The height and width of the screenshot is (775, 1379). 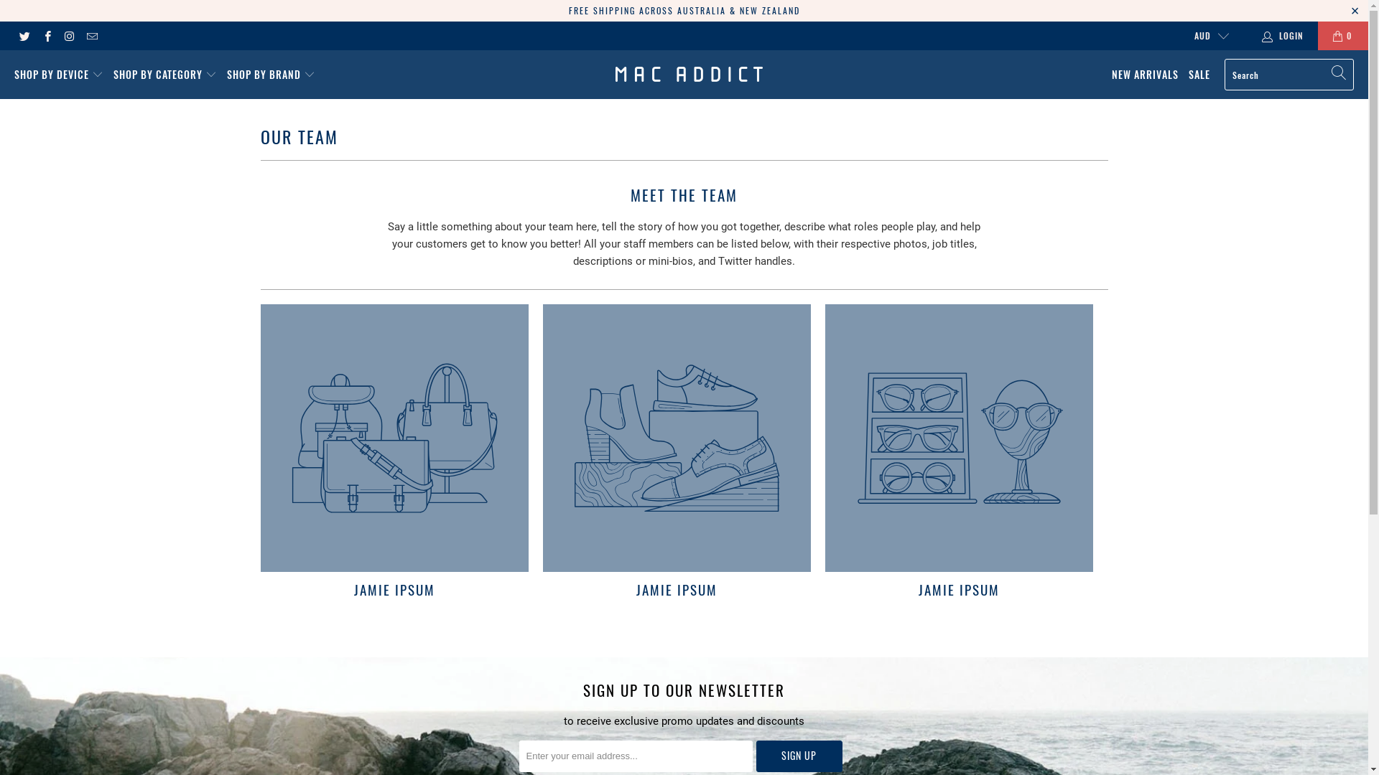 What do you see at coordinates (24, 35) in the screenshot?
I see `'Mac Addict on Twitter'` at bounding box center [24, 35].